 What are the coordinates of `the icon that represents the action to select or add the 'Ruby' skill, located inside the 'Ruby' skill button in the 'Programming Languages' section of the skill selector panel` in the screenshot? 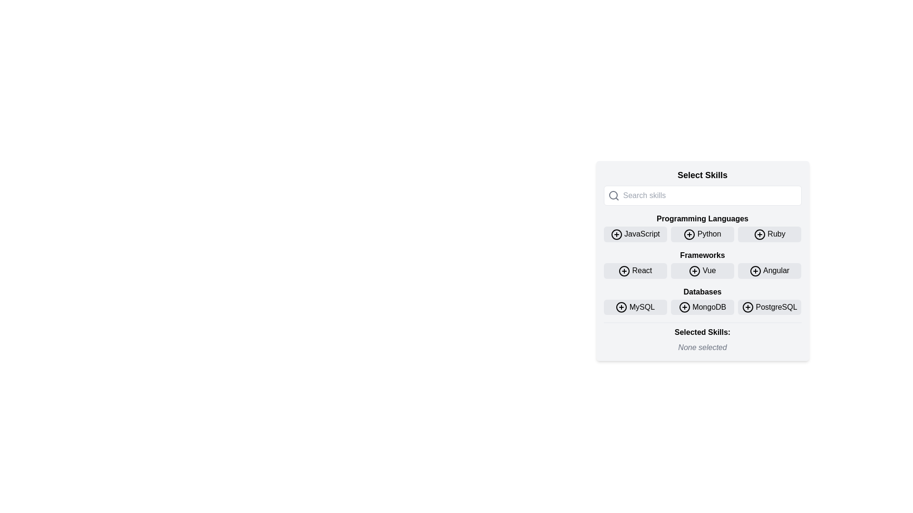 It's located at (759, 234).